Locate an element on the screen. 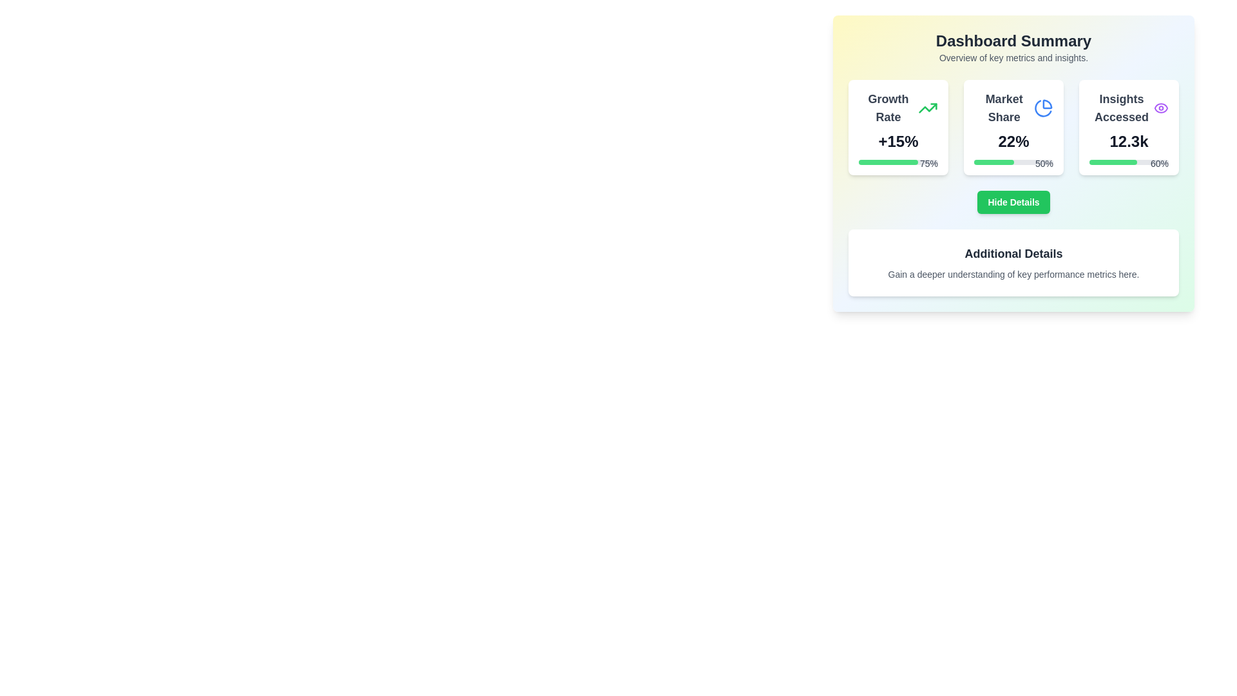  the static text element displaying '+15%' located at the bottom-center of the 'Growth Rate' card in the 'Dashboard Summary' section is located at coordinates (897, 141).